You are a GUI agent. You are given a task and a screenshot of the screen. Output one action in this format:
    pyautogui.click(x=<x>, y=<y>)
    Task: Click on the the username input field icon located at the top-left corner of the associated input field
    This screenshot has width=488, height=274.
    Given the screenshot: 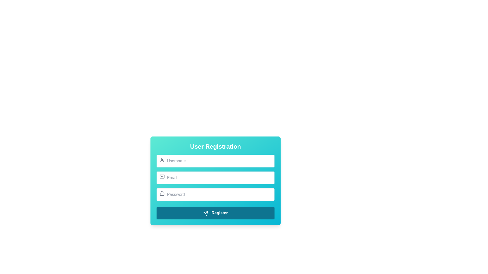 What is the action you would take?
    pyautogui.click(x=162, y=159)
    